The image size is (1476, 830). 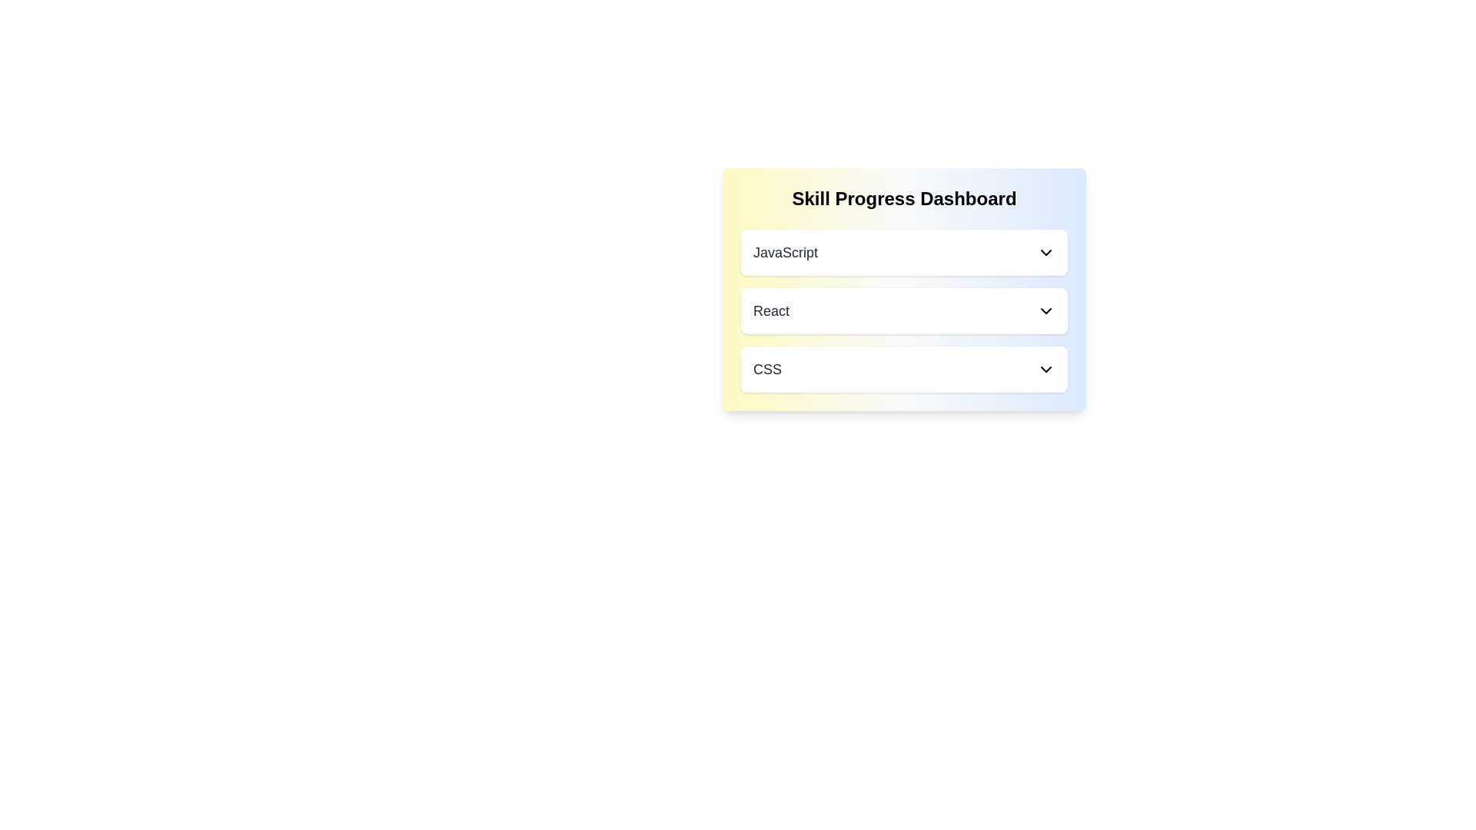 What do you see at coordinates (904, 311) in the screenshot?
I see `the dropdown arrow of the 'React' item in the dropdown menu` at bounding box center [904, 311].